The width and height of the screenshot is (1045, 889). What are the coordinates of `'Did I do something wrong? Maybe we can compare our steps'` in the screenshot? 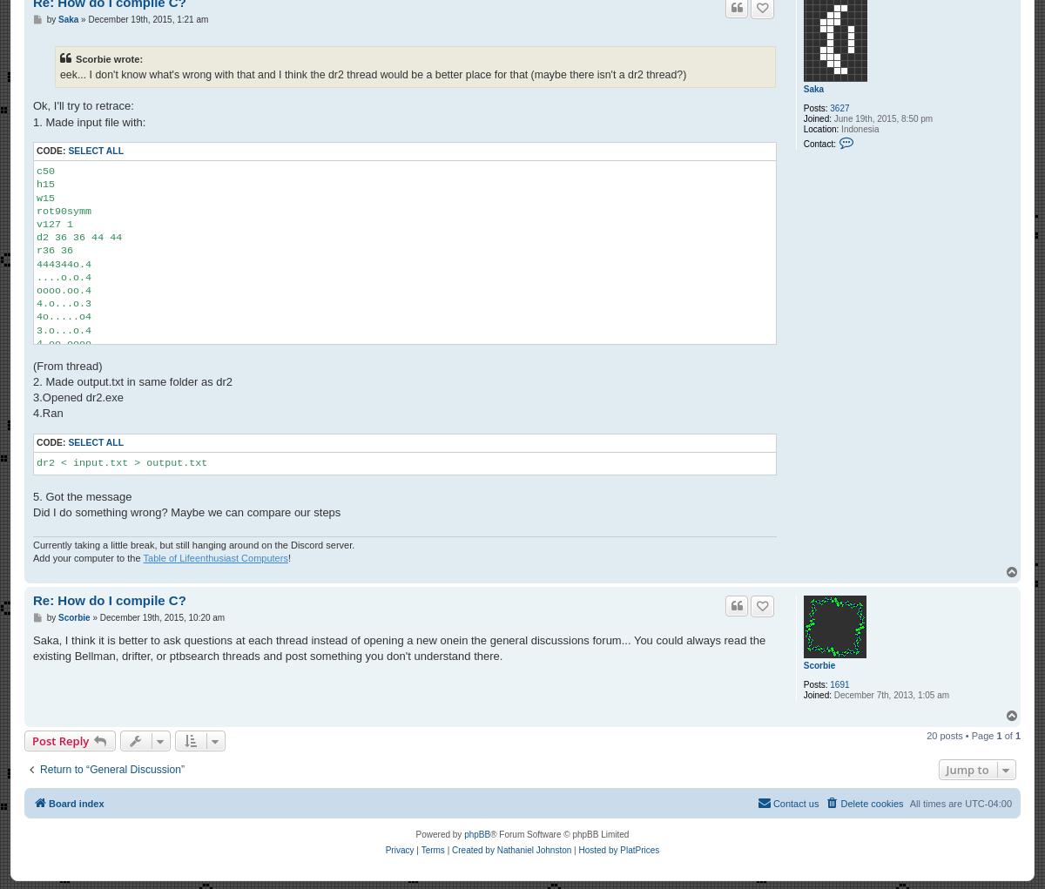 It's located at (185, 511).